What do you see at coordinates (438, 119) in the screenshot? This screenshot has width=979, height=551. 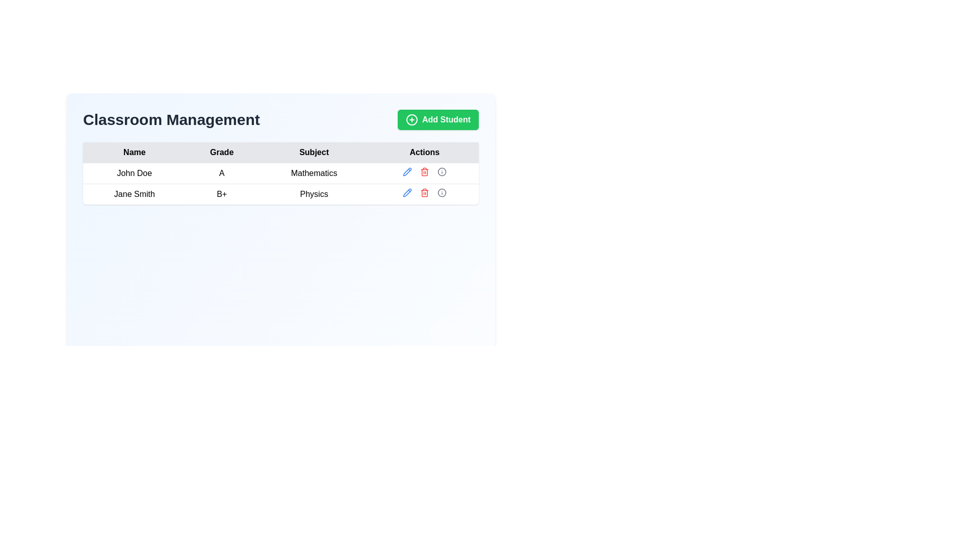 I see `the 'Add Student' button, which is a bright green rectangular button with rounded corners and white text. The button is located on the right side of the header section, aligned with the 'Classroom Management' text` at bounding box center [438, 119].